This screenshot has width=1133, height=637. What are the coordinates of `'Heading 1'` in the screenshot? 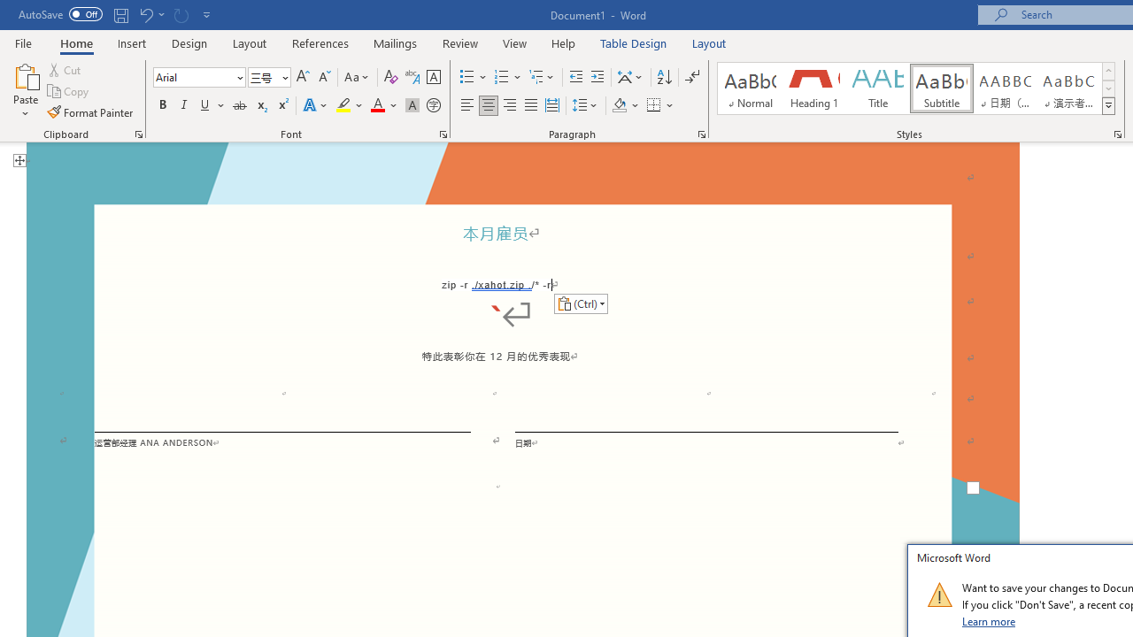 It's located at (813, 88).